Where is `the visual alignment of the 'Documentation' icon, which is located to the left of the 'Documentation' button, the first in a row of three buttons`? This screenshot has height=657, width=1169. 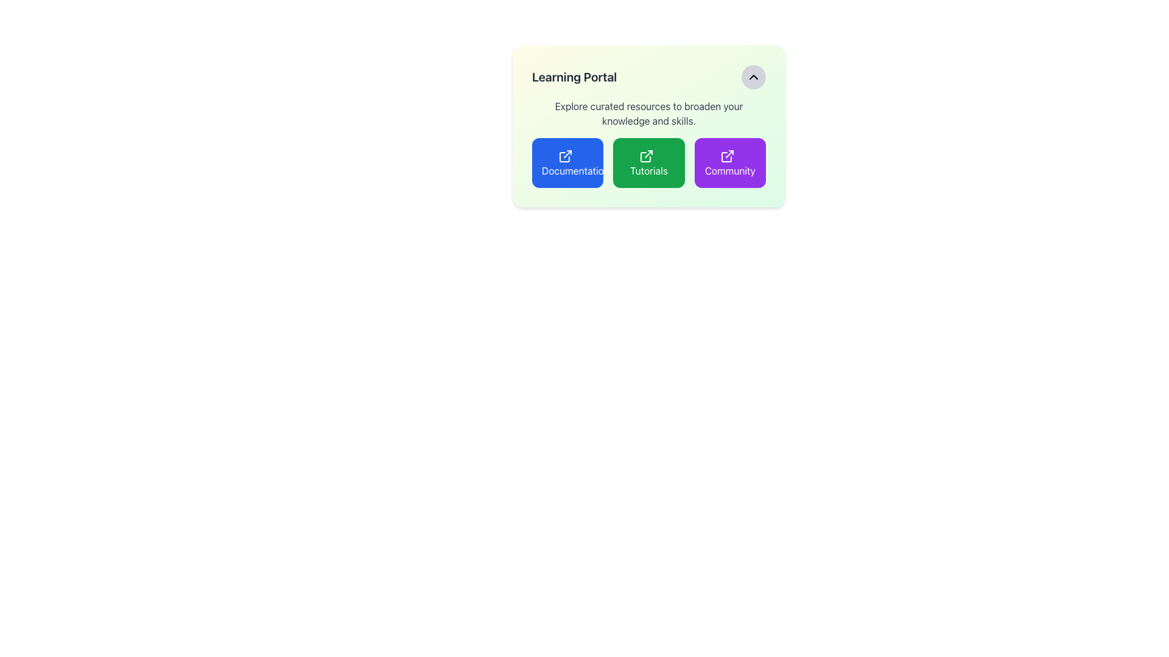 the visual alignment of the 'Documentation' icon, which is located to the left of the 'Documentation' button, the first in a row of three buttons is located at coordinates (564, 155).